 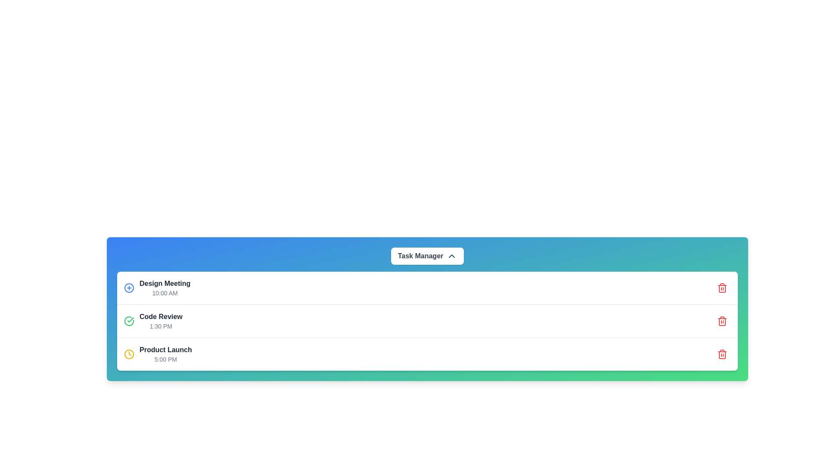 I want to click on the delete button located at the far right of the 'Product Launch 5:00 PM' row, so click(x=722, y=354).